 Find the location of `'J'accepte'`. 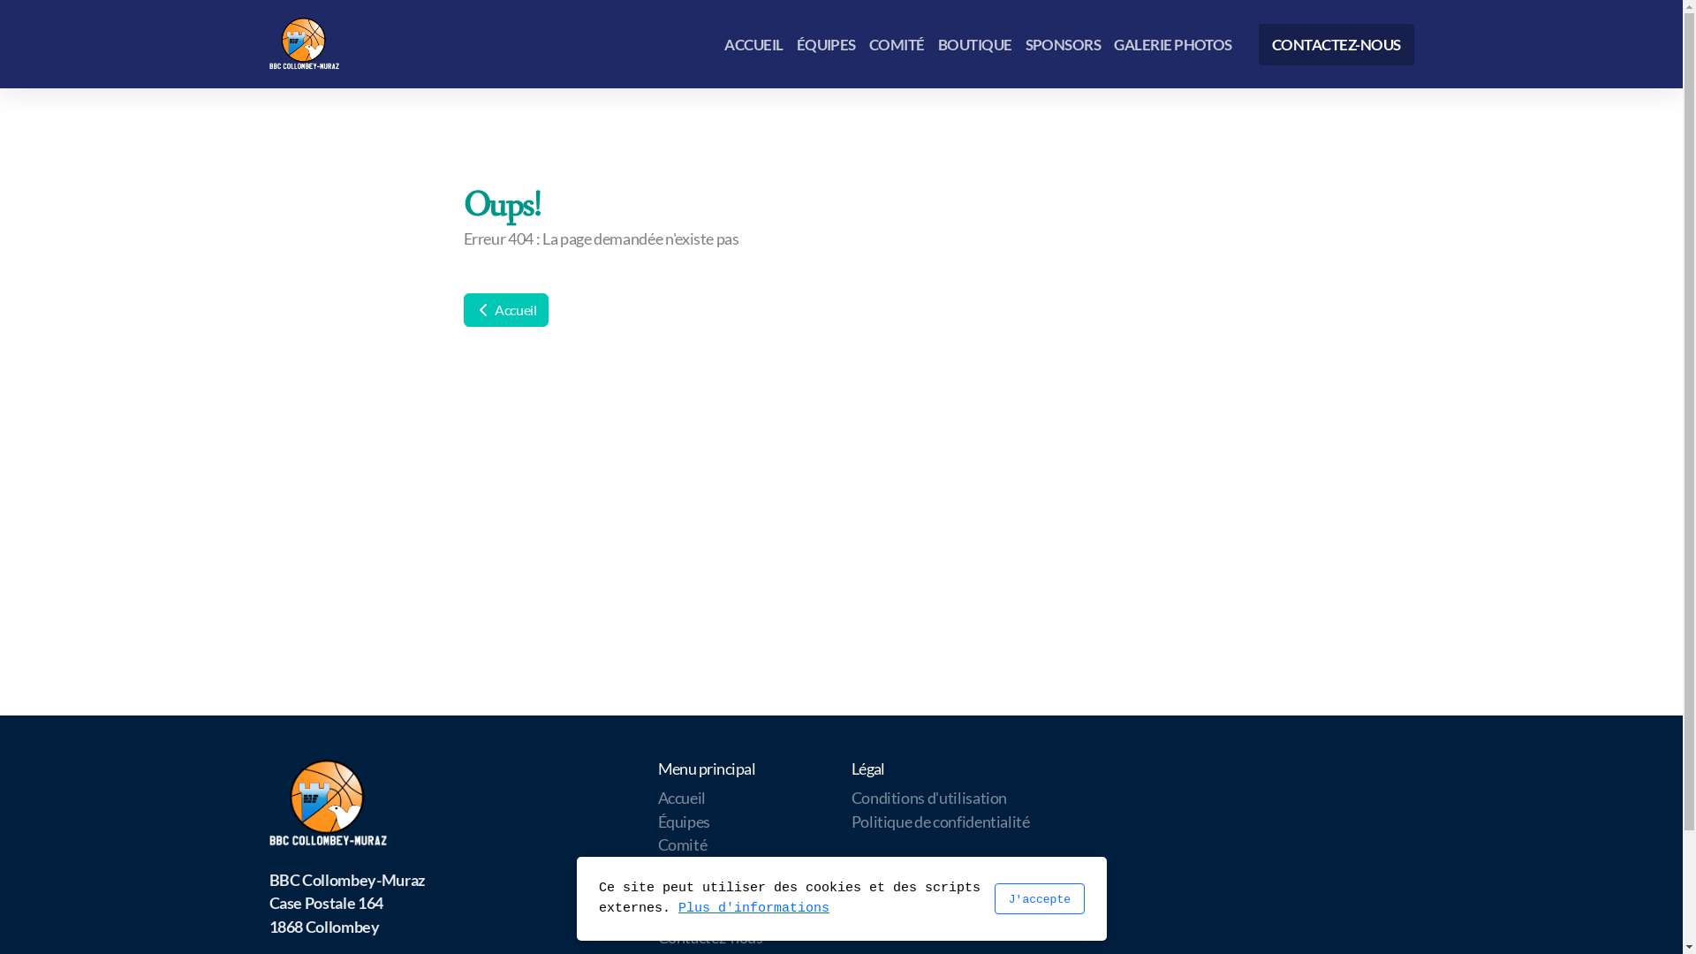

'J'accepte' is located at coordinates (993, 898).